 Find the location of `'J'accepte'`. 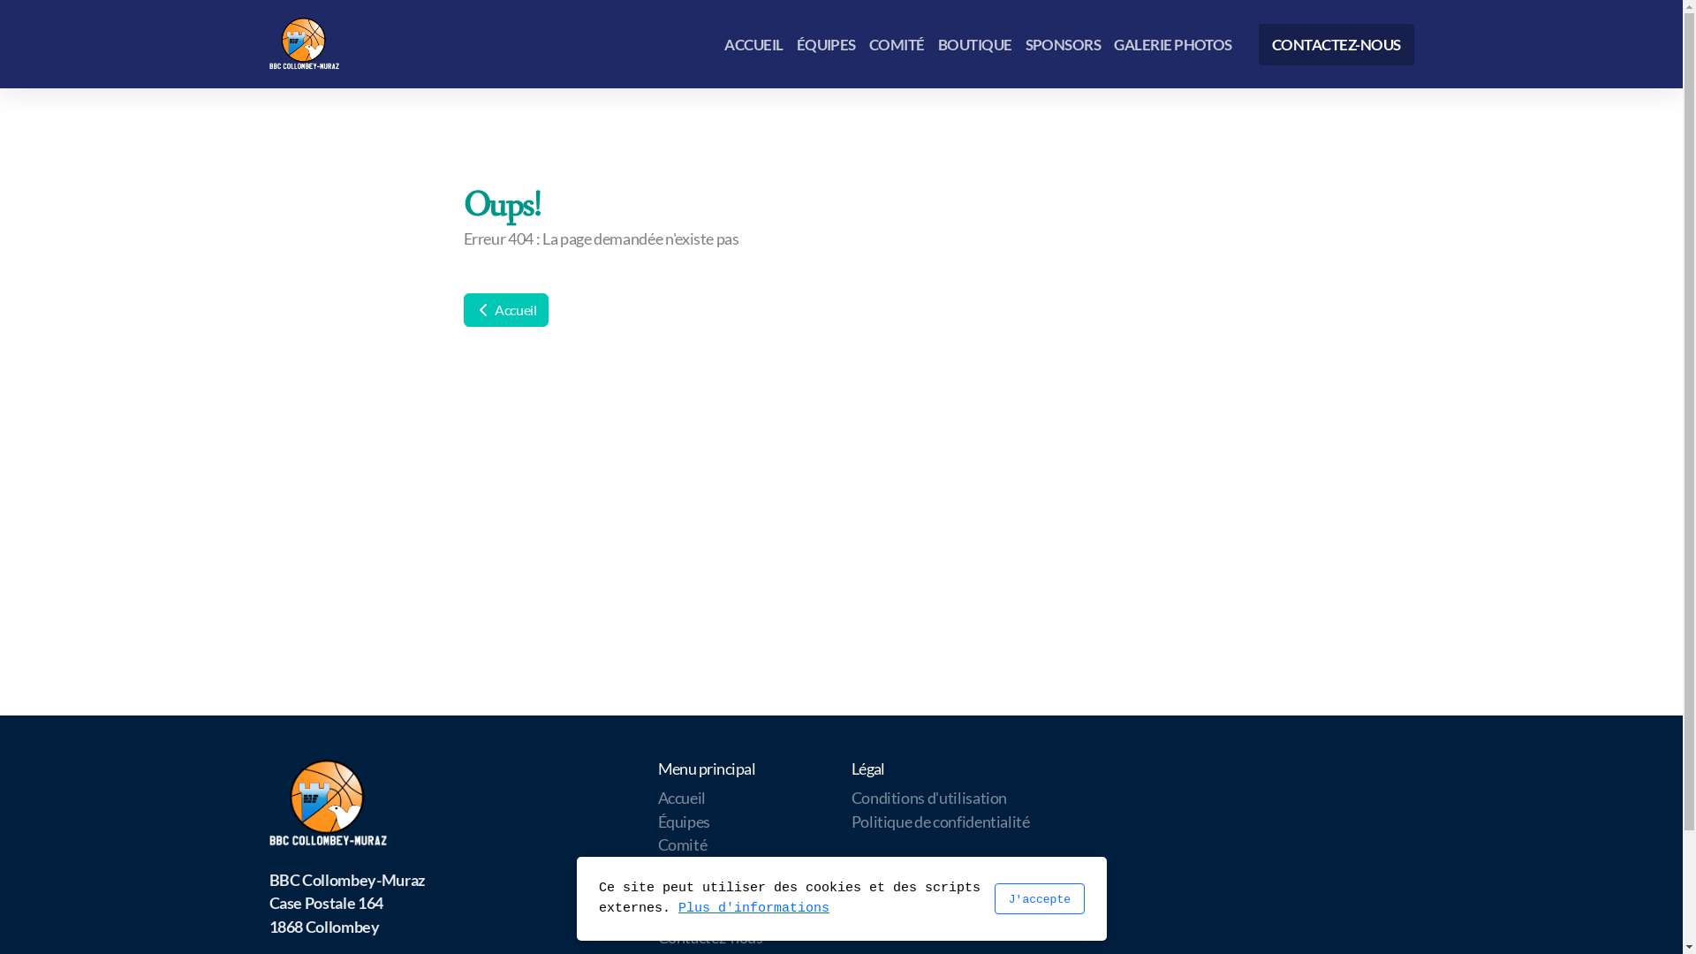

'J'accepte' is located at coordinates (993, 898).